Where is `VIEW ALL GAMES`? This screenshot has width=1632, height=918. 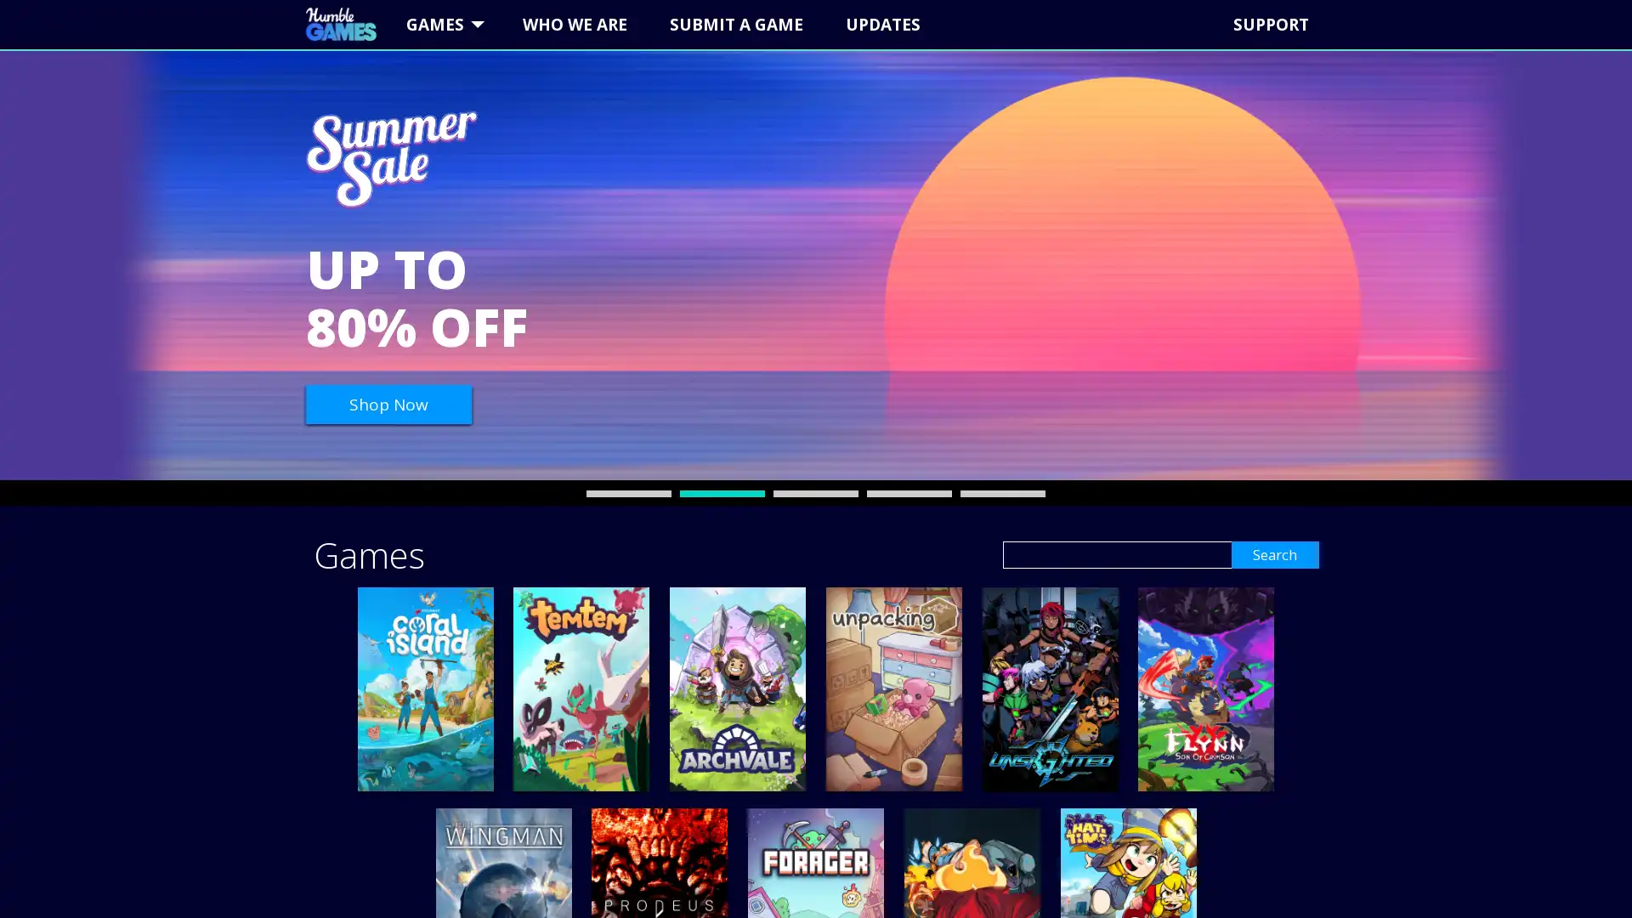
VIEW ALL GAMES is located at coordinates (1108, 155).